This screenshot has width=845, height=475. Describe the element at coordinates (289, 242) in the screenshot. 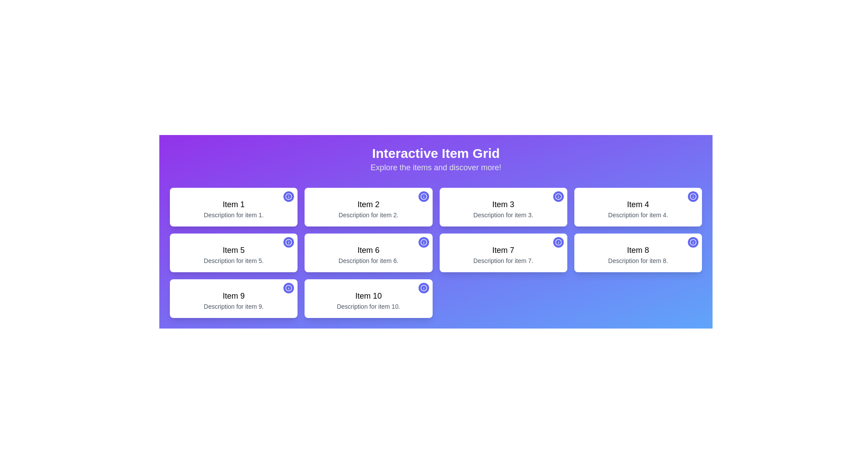

I see `the circular icon with a white outline and purple fill, featuring the letter 'i', located at the top-right corner of the 'Item 5' tile in the second row of a 4x3 grid layout` at that location.